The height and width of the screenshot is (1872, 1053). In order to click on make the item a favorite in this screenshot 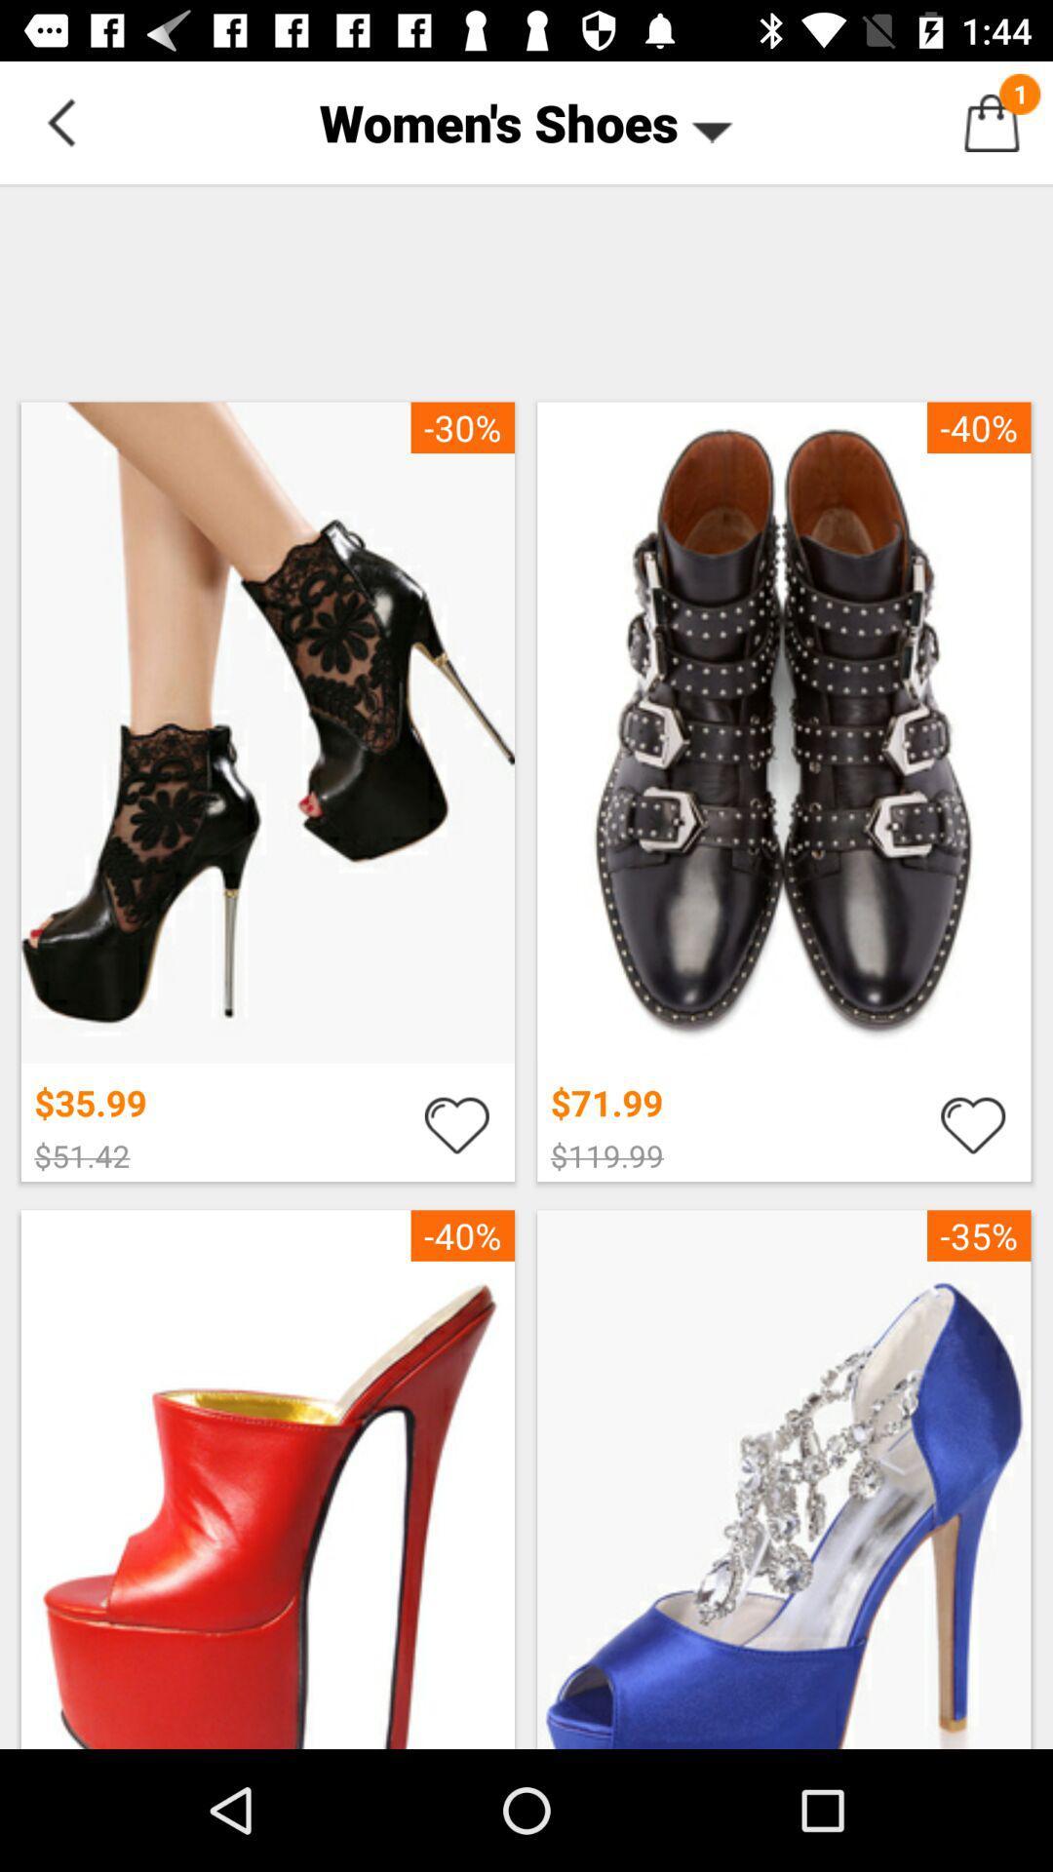, I will do `click(456, 1123)`.